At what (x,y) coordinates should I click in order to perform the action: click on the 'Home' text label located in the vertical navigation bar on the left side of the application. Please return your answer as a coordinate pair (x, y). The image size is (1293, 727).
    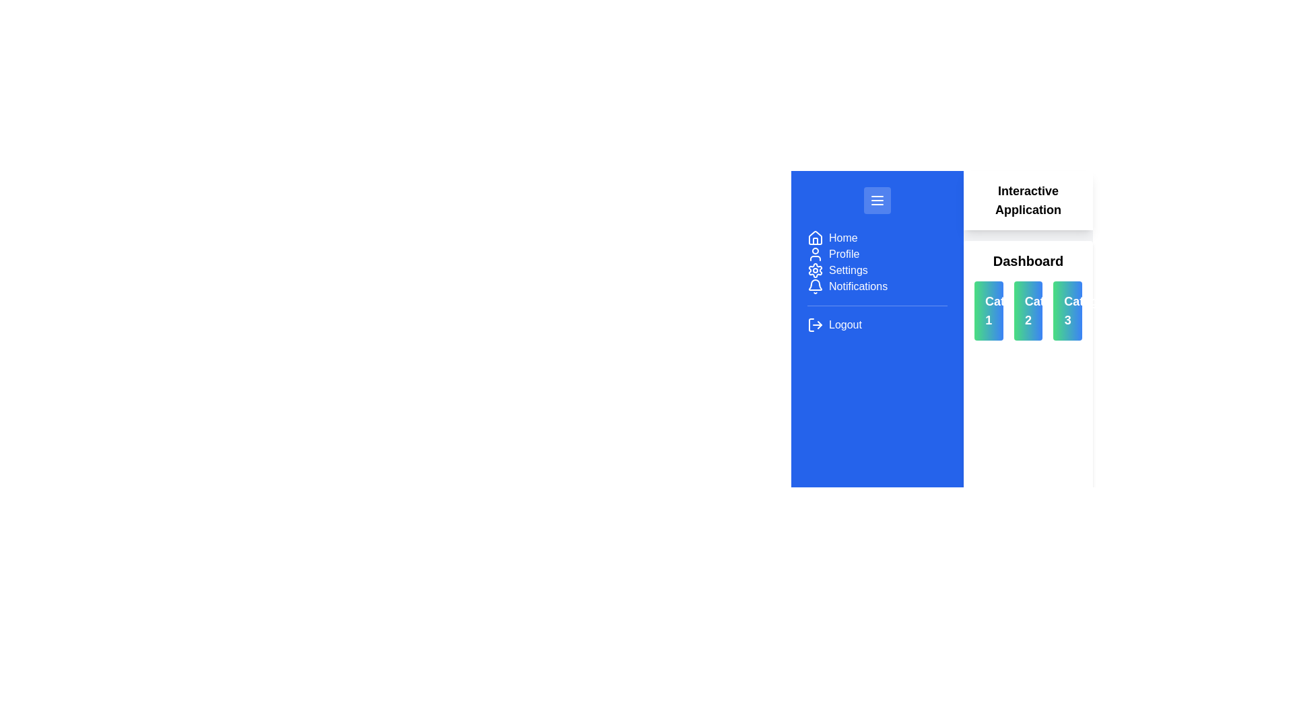
    Looking at the image, I should click on (842, 238).